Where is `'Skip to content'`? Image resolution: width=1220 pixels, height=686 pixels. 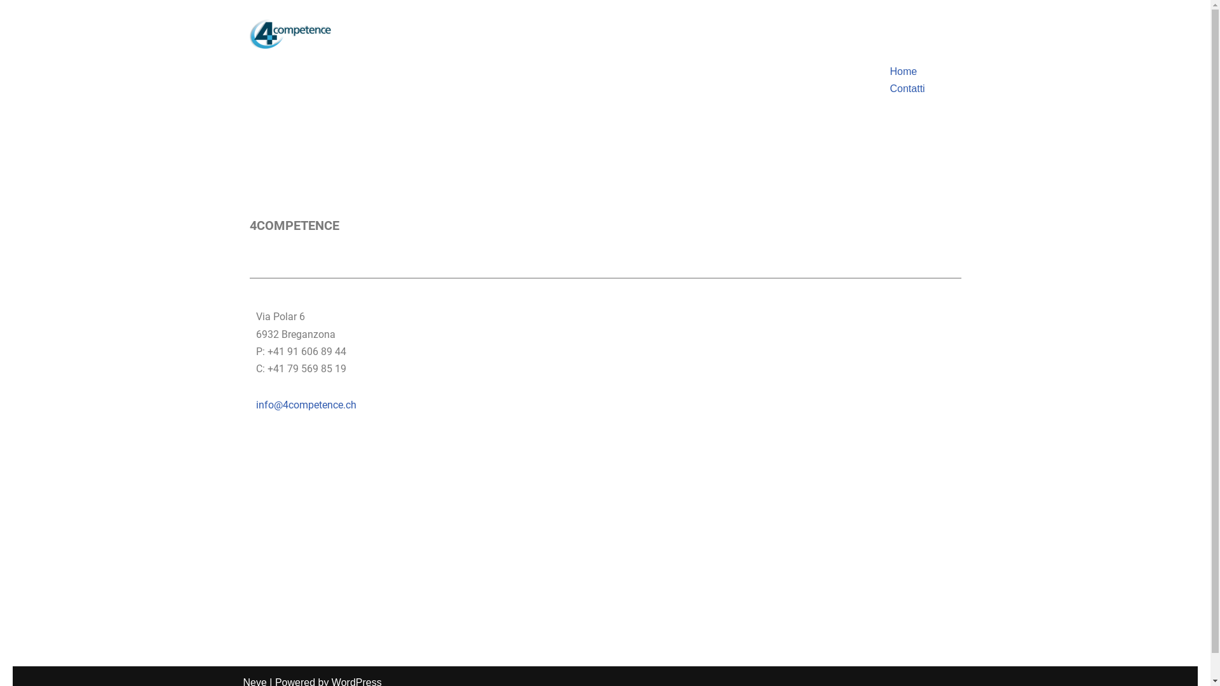 'Skip to content' is located at coordinates (22, 38).